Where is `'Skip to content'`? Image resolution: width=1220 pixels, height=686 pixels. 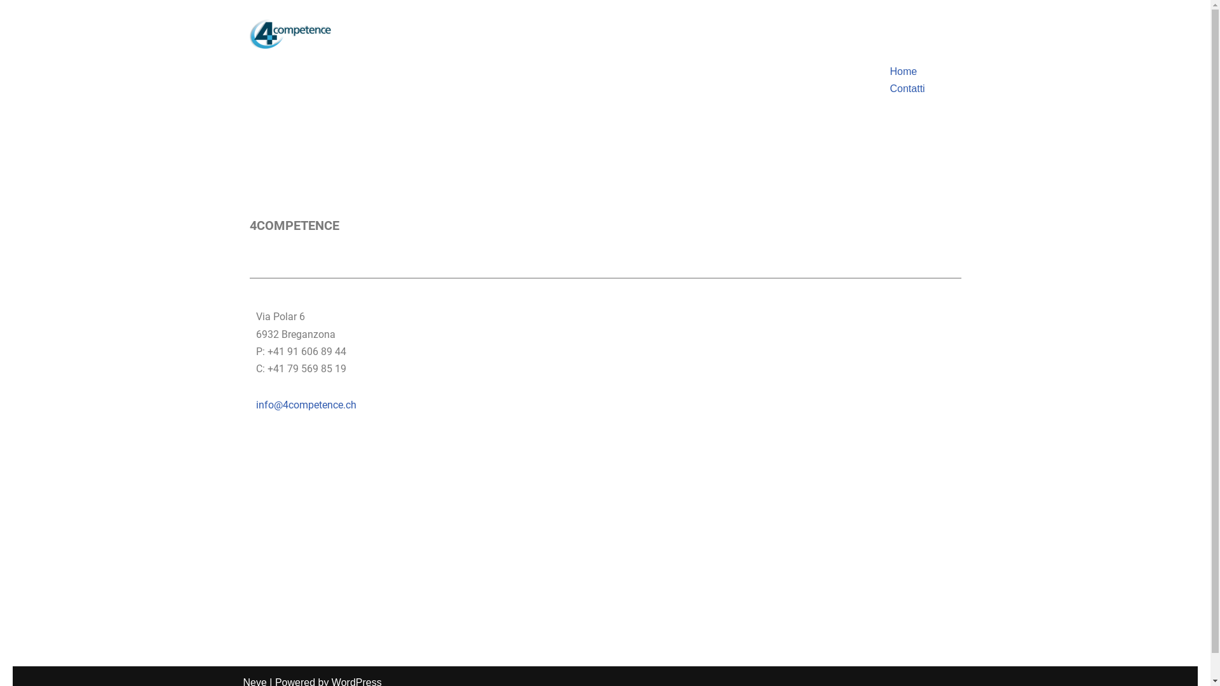 'Skip to content' is located at coordinates (22, 38).